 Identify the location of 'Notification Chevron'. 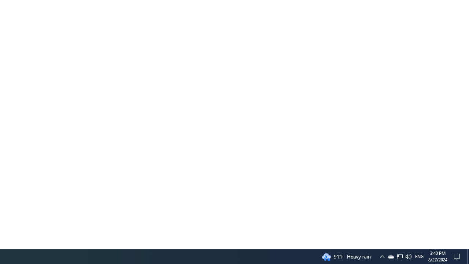
(390, 256).